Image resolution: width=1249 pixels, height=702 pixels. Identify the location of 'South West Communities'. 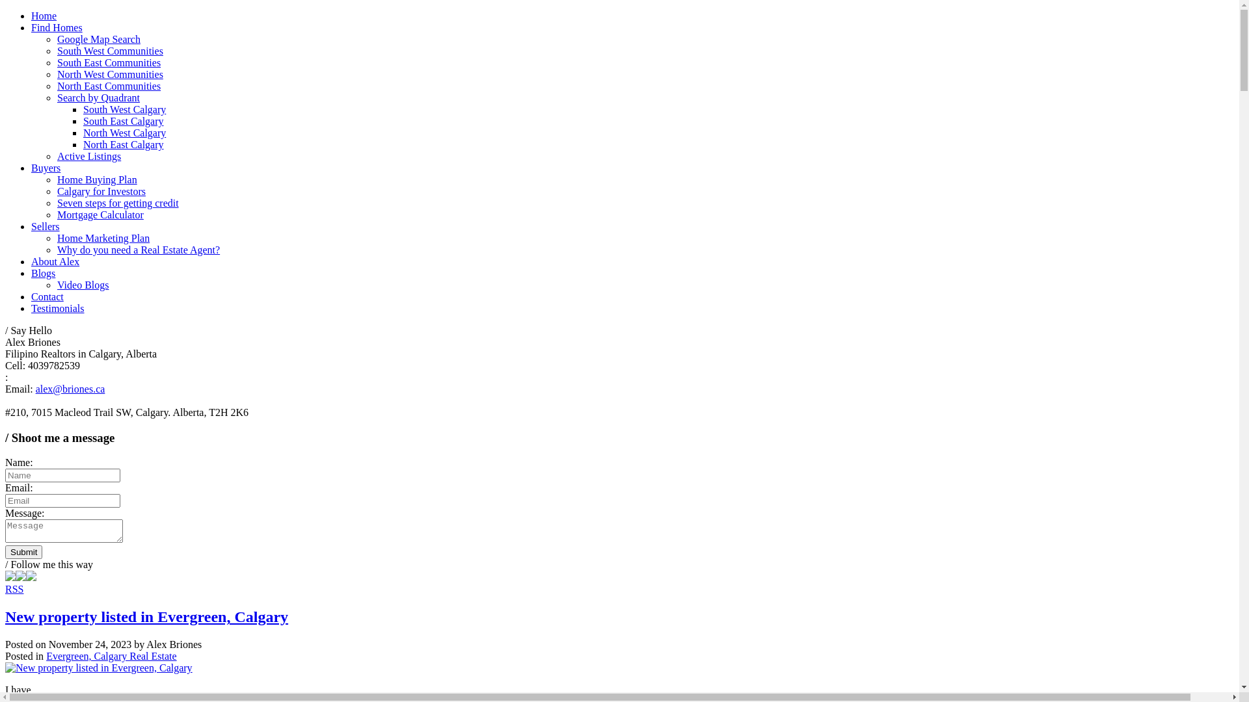
(110, 50).